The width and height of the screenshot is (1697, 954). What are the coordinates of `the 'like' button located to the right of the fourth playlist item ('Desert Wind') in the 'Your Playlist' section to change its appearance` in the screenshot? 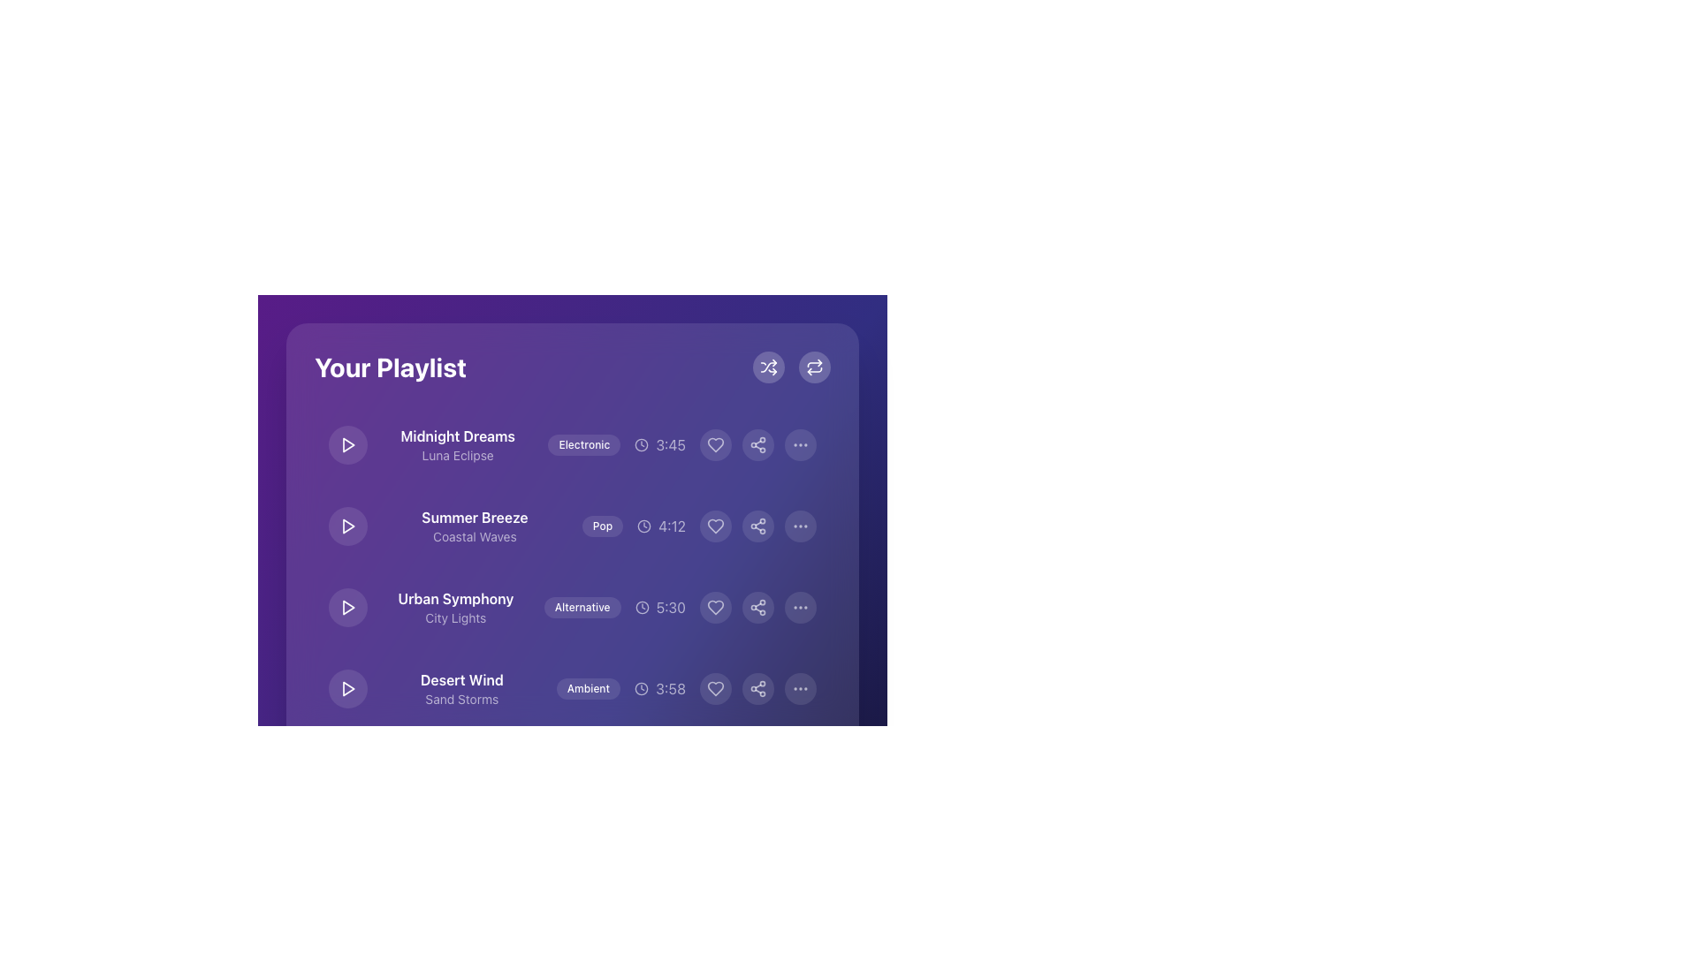 It's located at (716, 687).